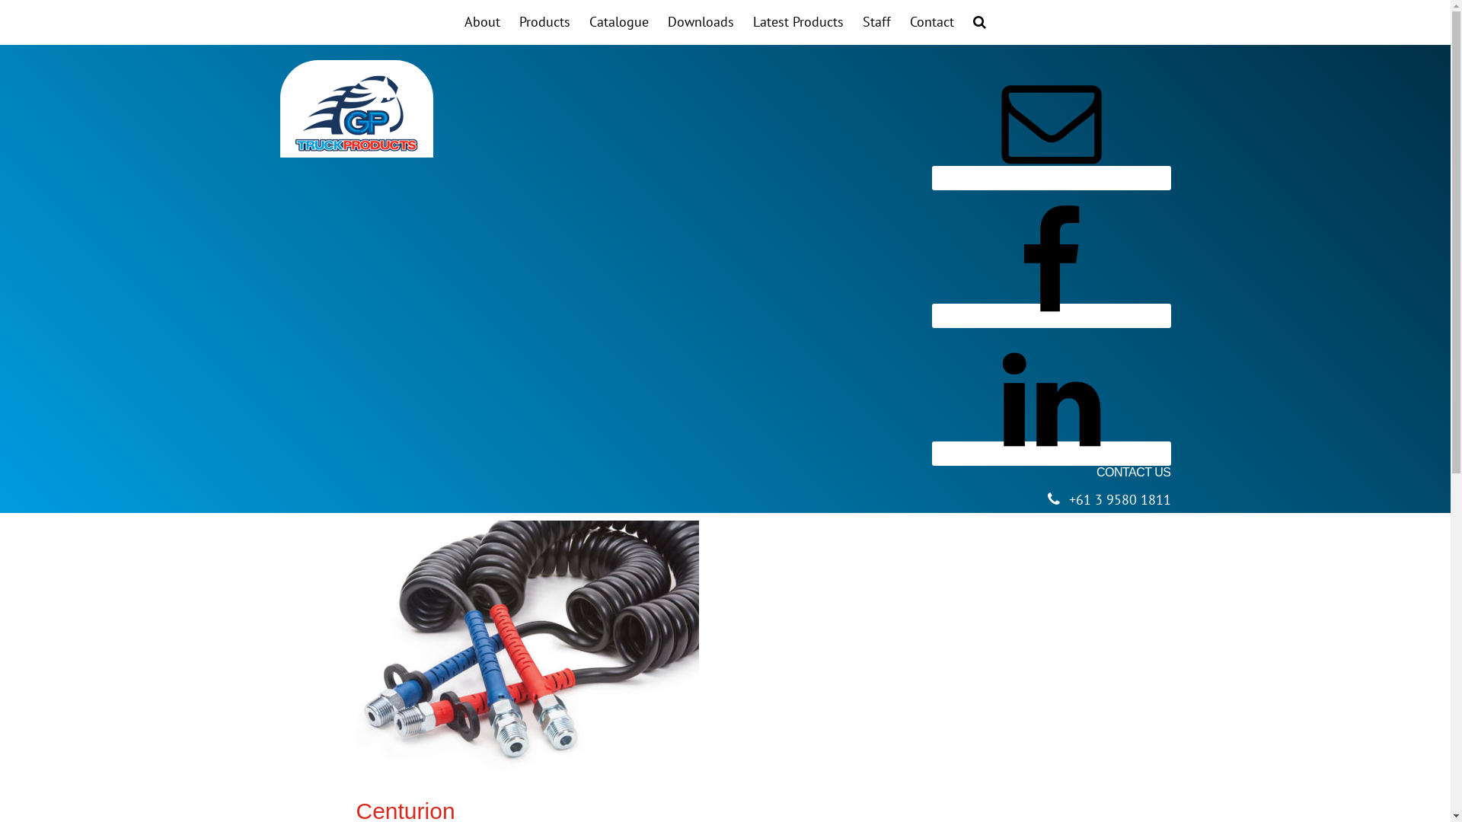  I want to click on 'Latest Products', so click(745, 22).